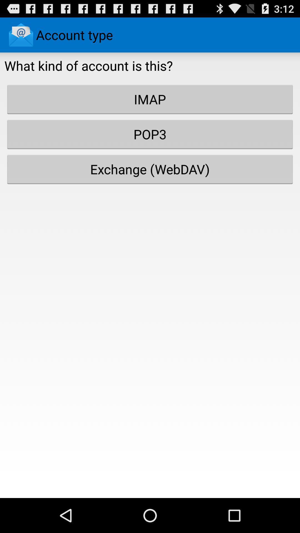 The image size is (300, 533). Describe the element at coordinates (150, 99) in the screenshot. I see `item above the pop3 button` at that location.